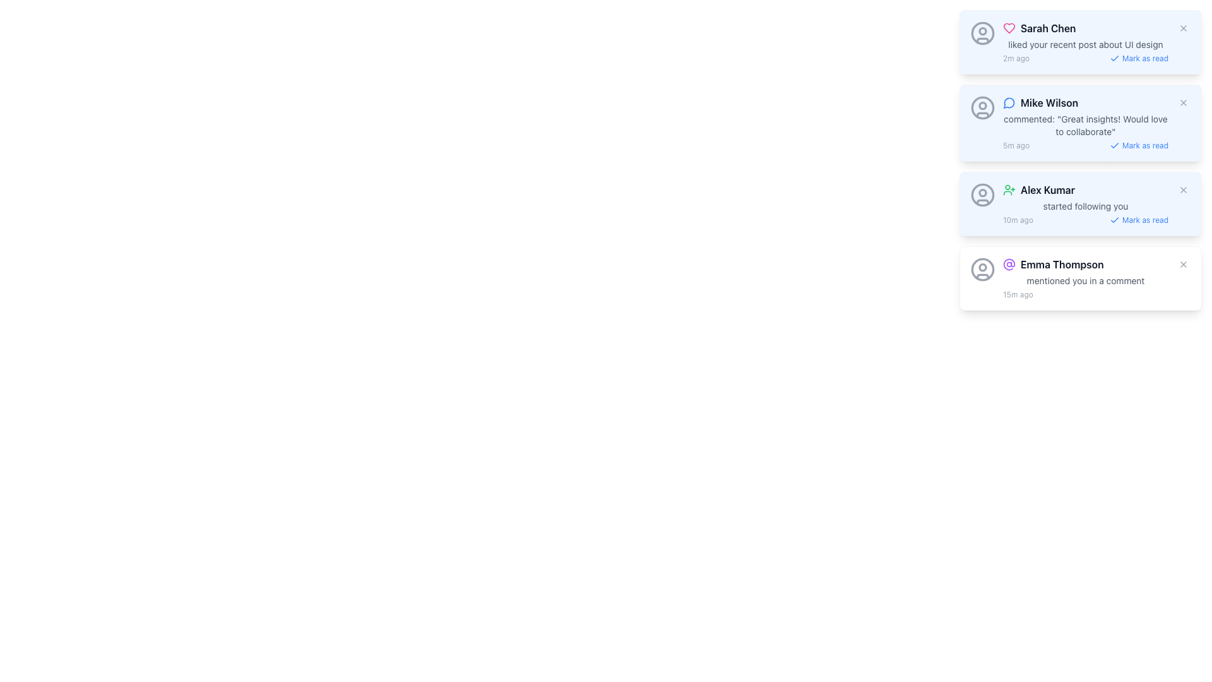  Describe the element at coordinates (982, 201) in the screenshot. I see `the bottom arc of the SVG graphic that complements the profile icon in the notification interface for the 'Alex Kumar' notification entry` at that location.